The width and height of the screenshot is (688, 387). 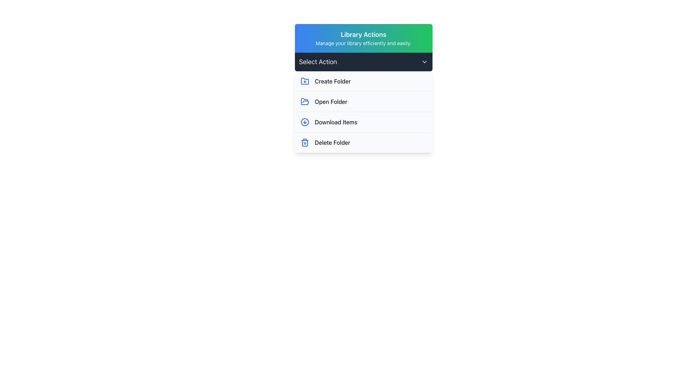 I want to click on the prominent header text labeled 'Library Actions', which is styled in a bold font with white color against a gradient background, so click(x=363, y=34).